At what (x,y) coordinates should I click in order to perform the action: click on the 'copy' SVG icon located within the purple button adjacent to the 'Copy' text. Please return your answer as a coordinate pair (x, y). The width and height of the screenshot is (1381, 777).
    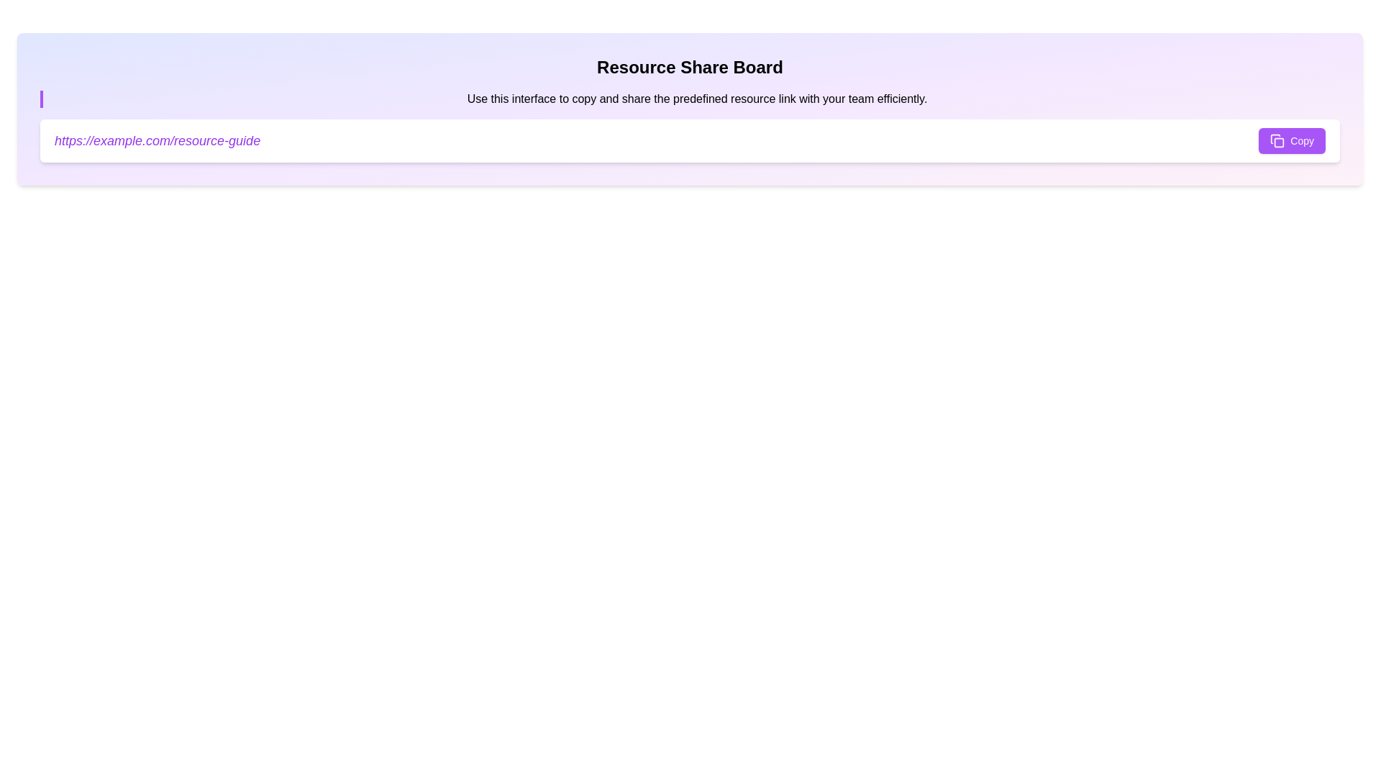
    Looking at the image, I should click on (1277, 141).